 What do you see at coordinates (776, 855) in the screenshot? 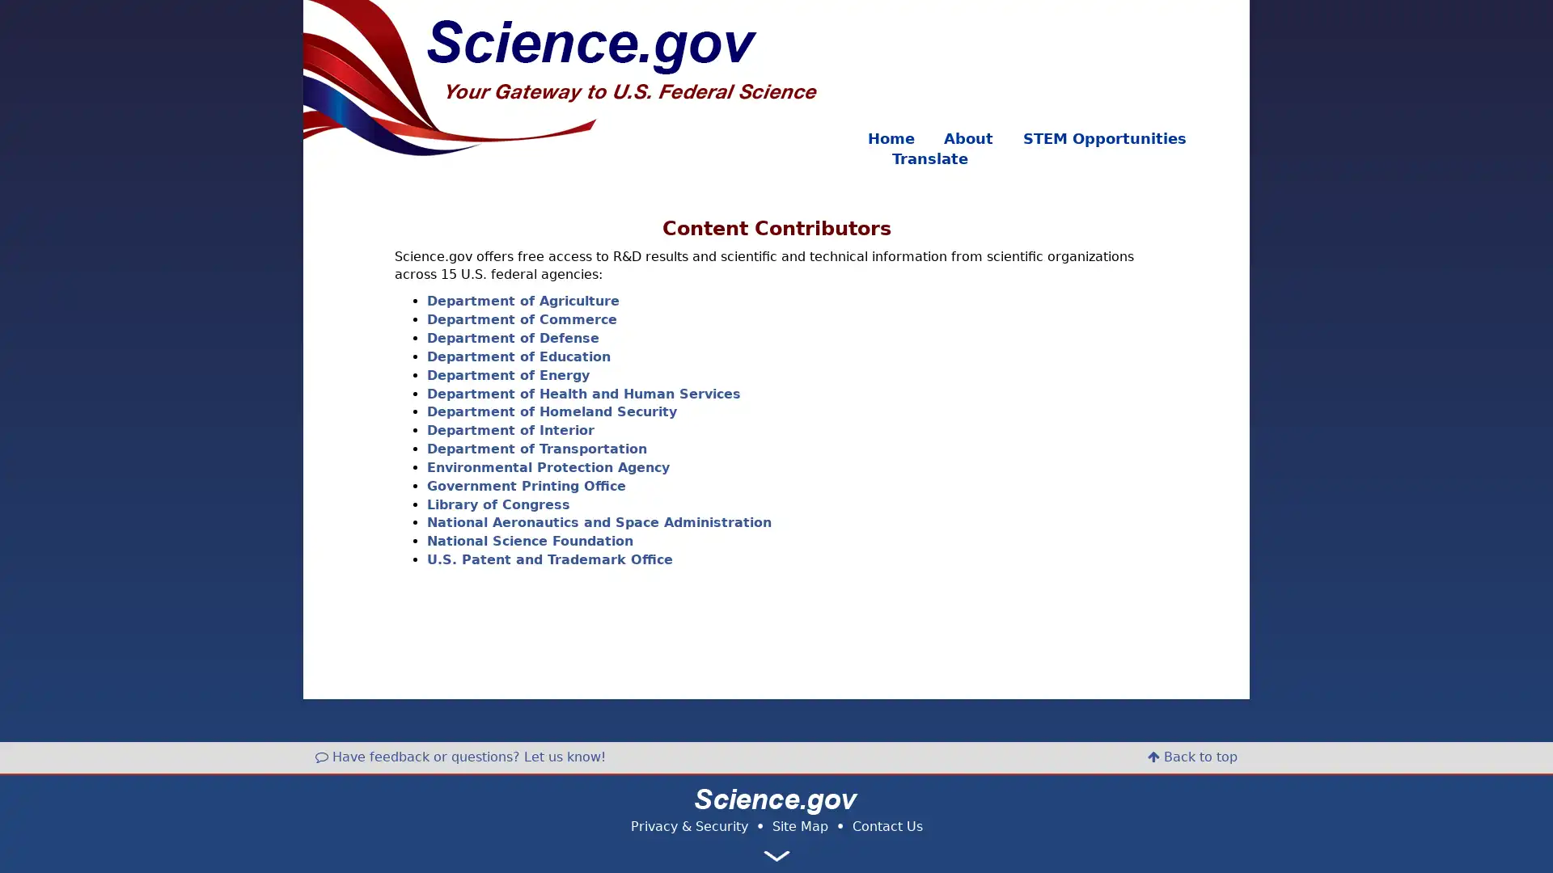
I see `expand` at bounding box center [776, 855].